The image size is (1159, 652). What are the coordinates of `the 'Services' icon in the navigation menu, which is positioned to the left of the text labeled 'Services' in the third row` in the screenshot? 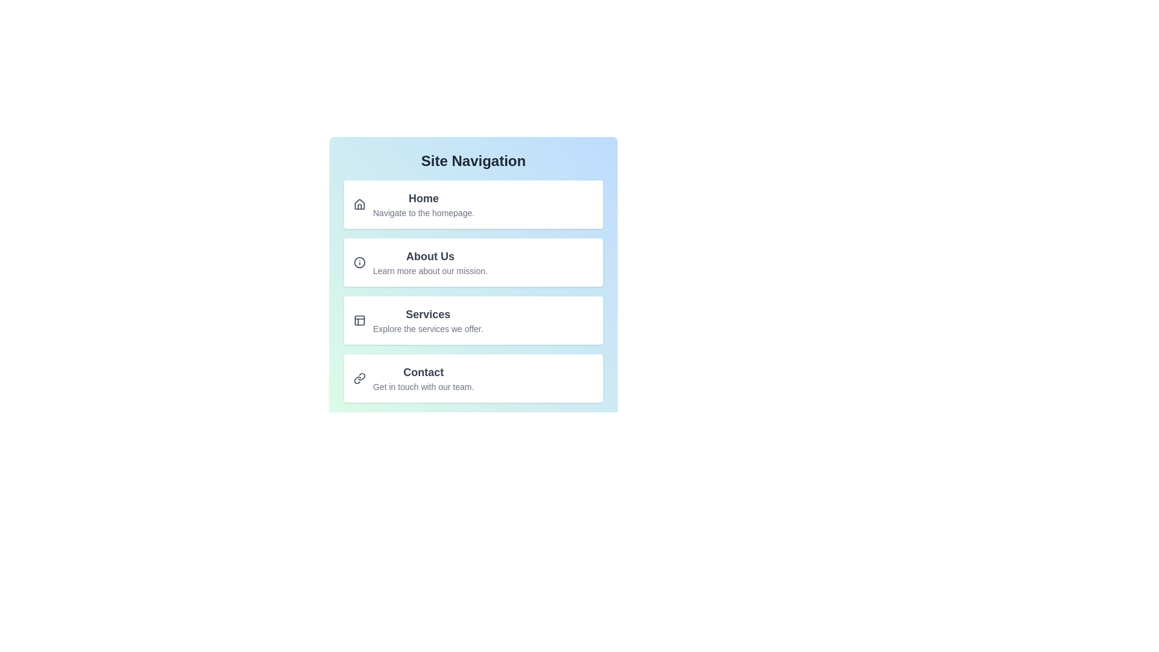 It's located at (359, 320).